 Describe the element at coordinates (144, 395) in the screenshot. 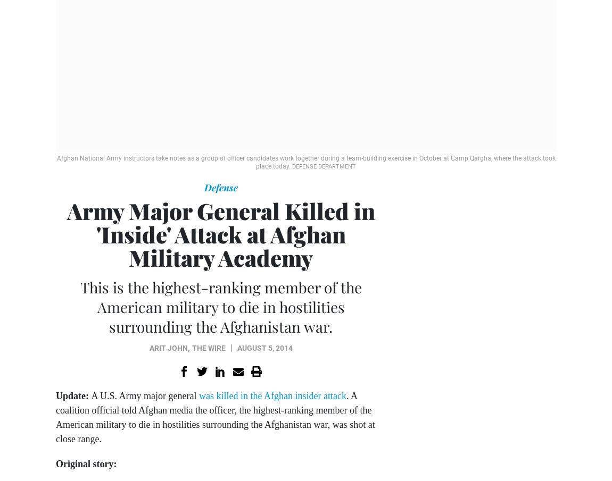

I see `'A U.S. Army major general'` at that location.